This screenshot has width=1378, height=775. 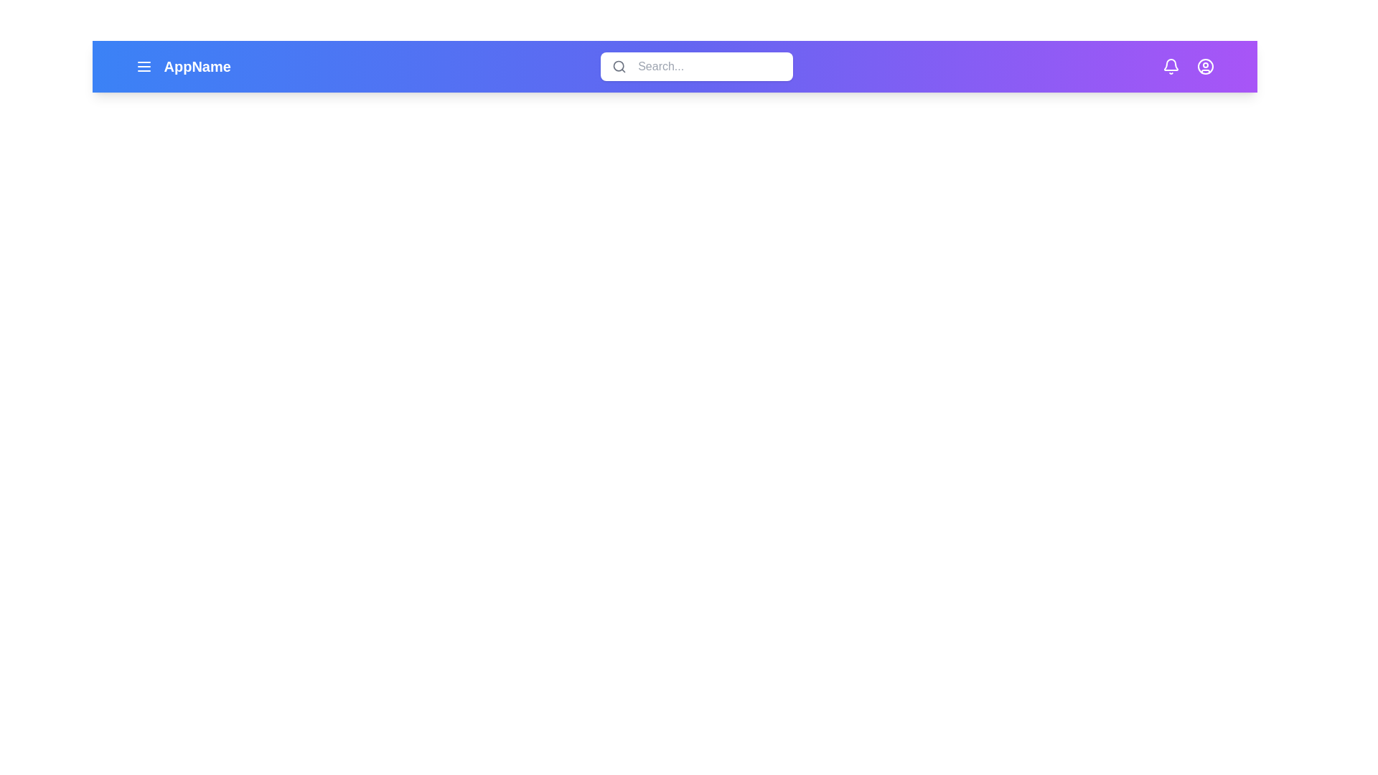 I want to click on the search icon to initiate a search, so click(x=619, y=66).